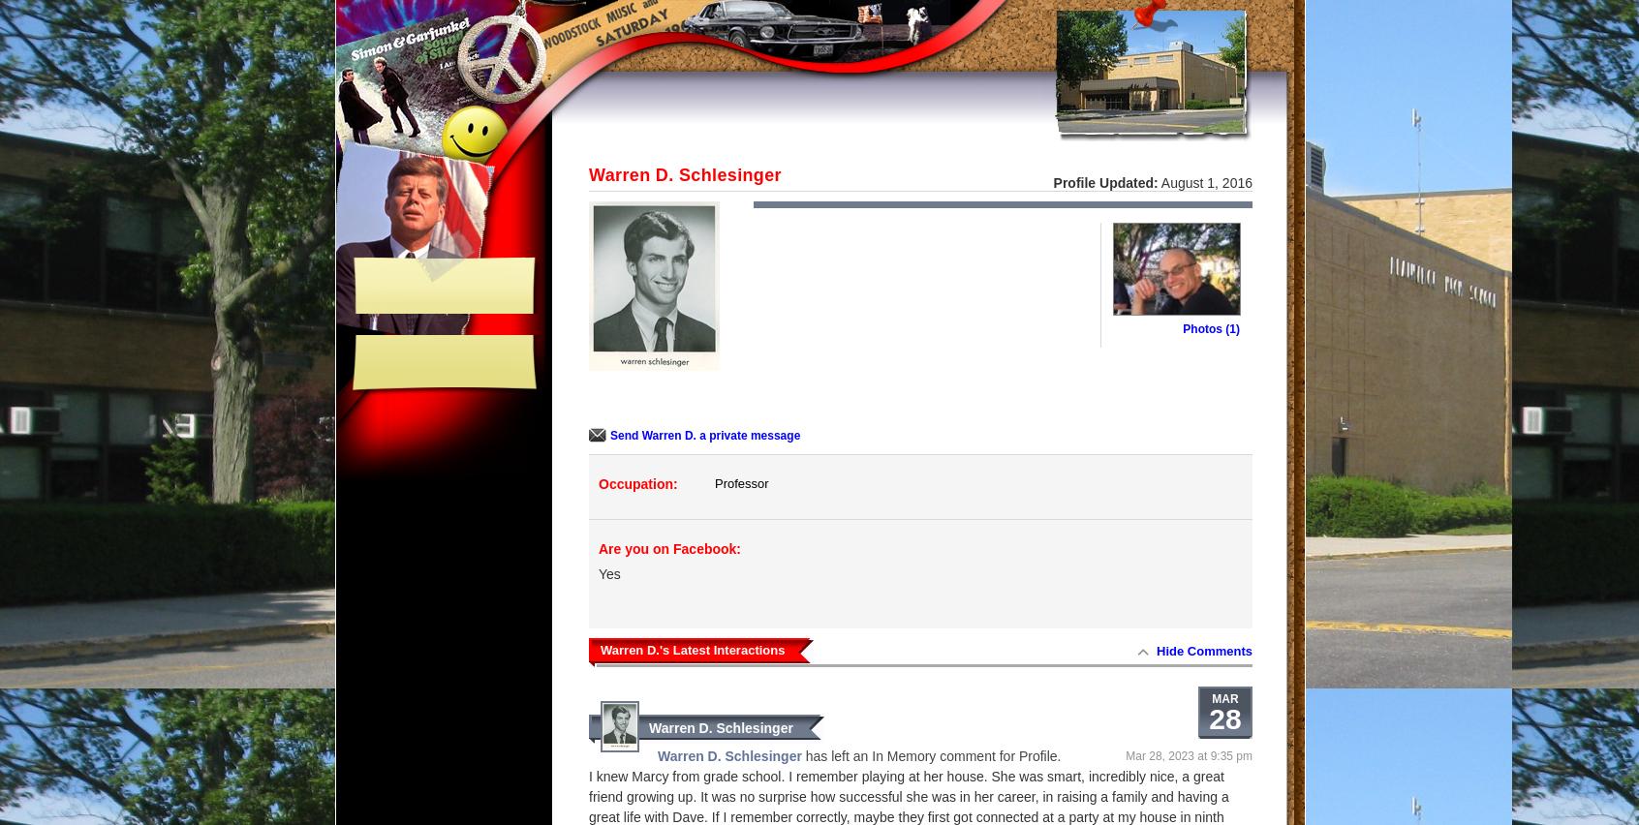 This screenshot has height=825, width=1639. I want to click on 'Hide Comments', so click(1204, 650).